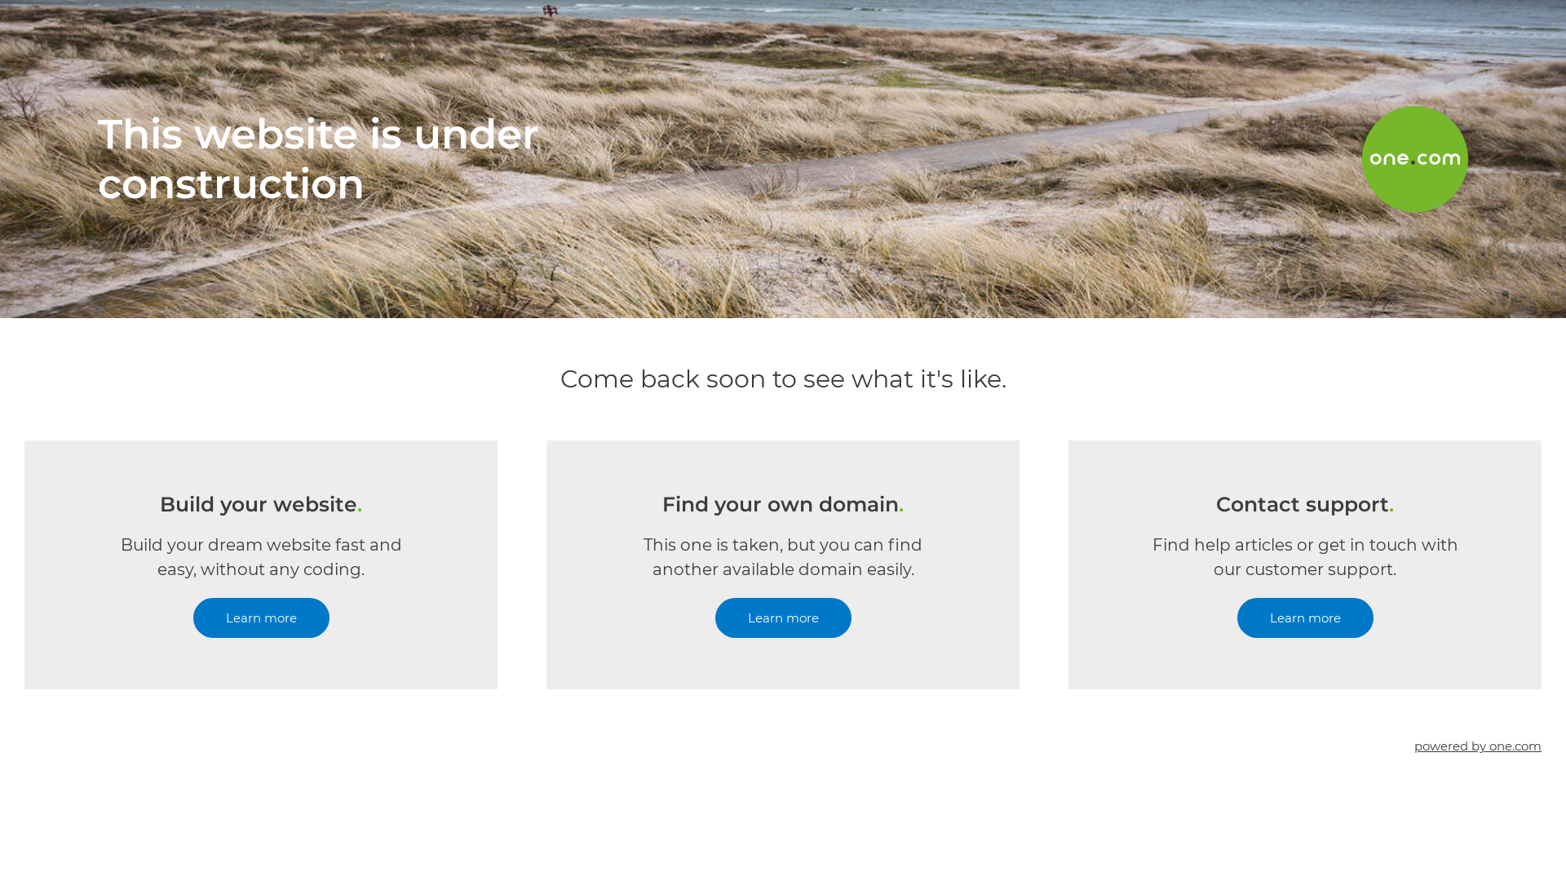 This screenshot has height=881, width=1566. Describe the element at coordinates (1477, 746) in the screenshot. I see `'powered by one.com'` at that location.